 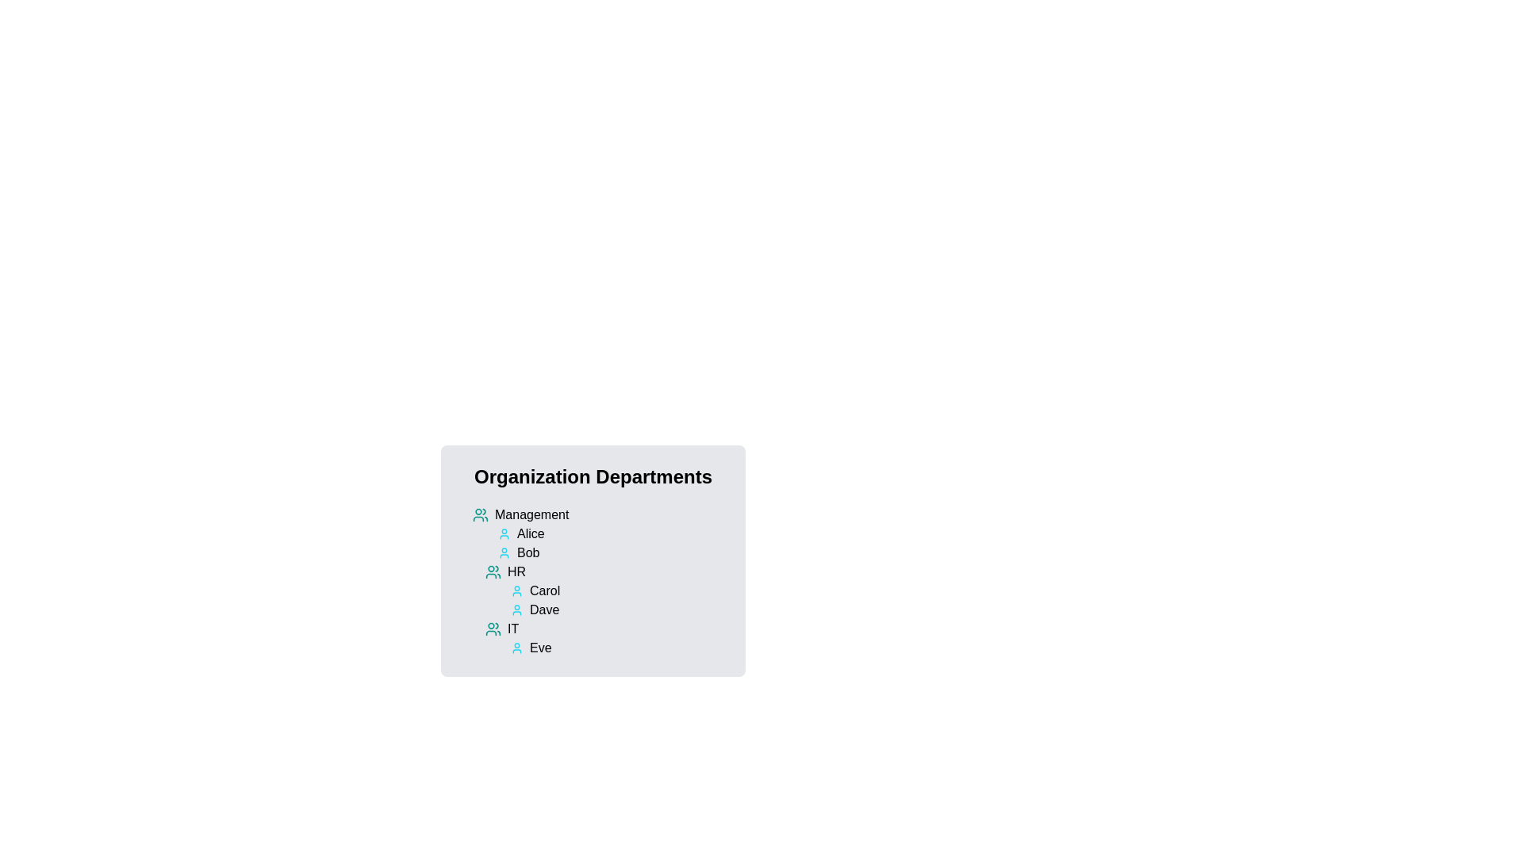 I want to click on name 'Dave' displayed in black font under the 'Organization Departments' section, which is part of the HR department group, so click(x=544, y=610).